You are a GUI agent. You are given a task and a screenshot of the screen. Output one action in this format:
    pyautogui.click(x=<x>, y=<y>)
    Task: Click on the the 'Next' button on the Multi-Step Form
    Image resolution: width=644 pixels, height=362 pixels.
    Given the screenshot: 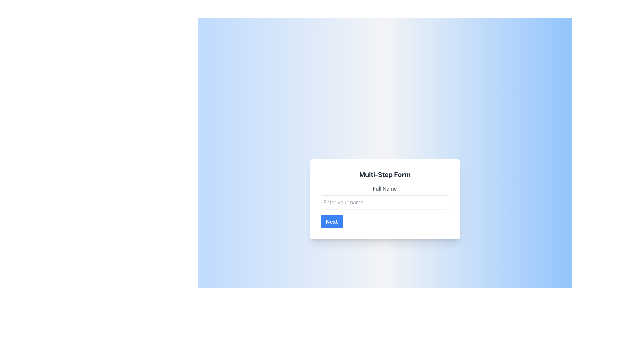 What is the action you would take?
    pyautogui.click(x=385, y=199)
    